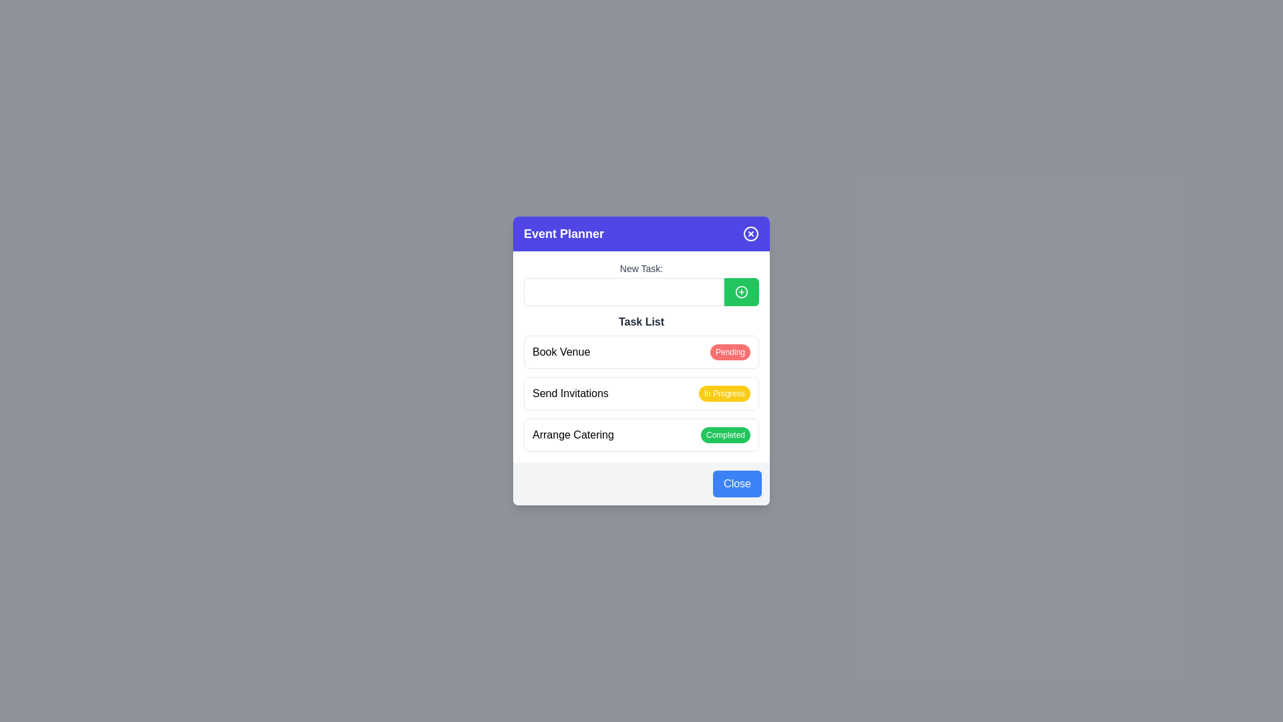 The height and width of the screenshot is (722, 1283). I want to click on the button located on the right side of the 'New Task' input field, so click(740, 291).